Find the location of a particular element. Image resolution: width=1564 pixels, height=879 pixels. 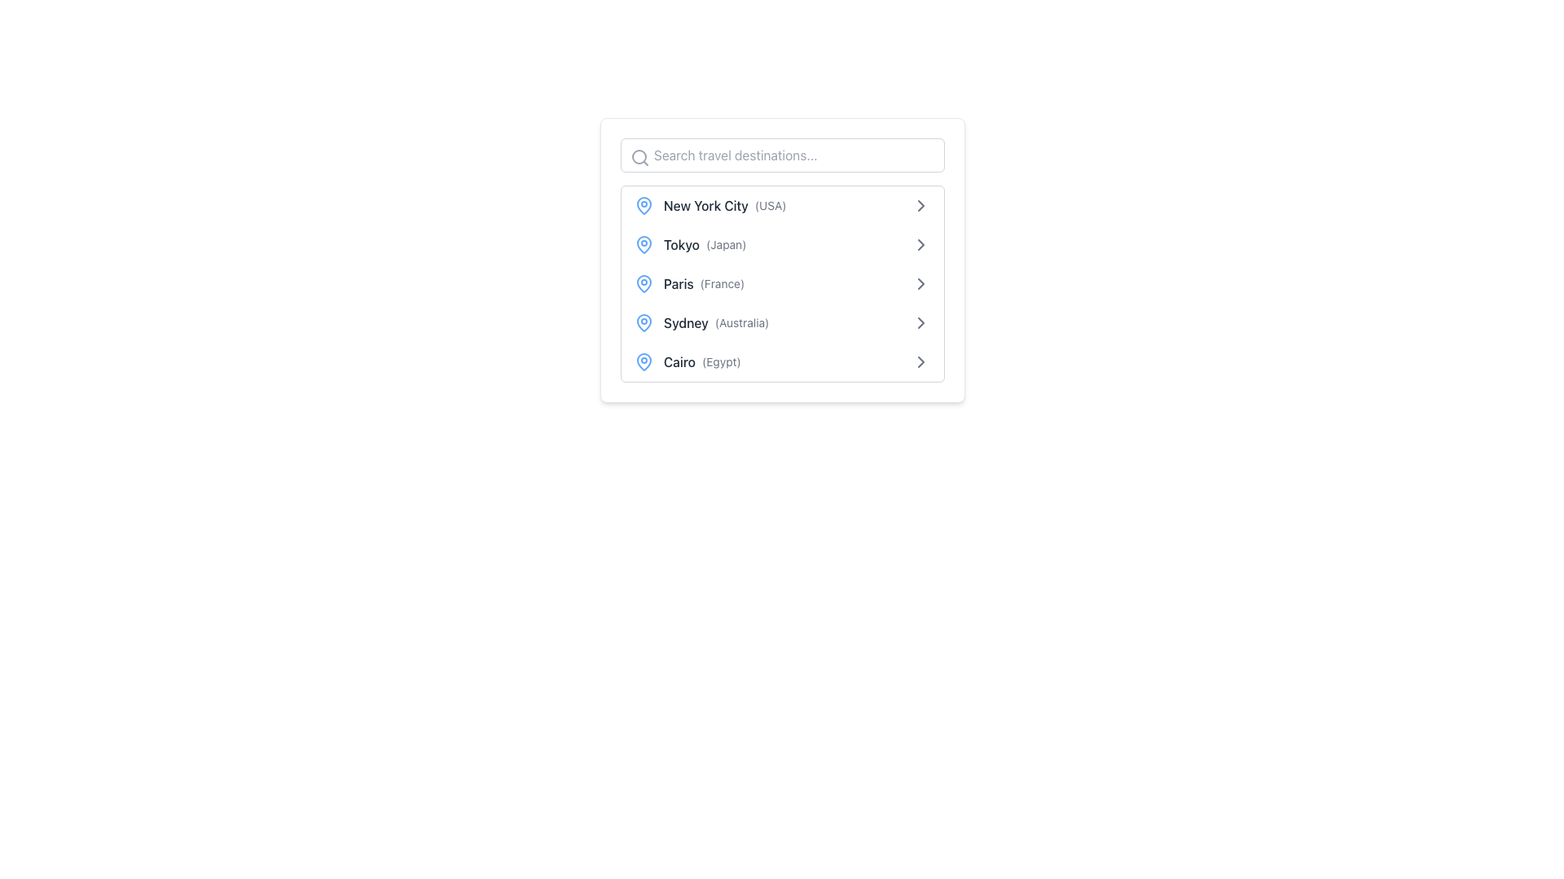

the leftmost icon in the first list item, which resembles a drop or pin with a hollow body and filled center, preceding the 'New York City (USA)' text entry is located at coordinates (644, 203).